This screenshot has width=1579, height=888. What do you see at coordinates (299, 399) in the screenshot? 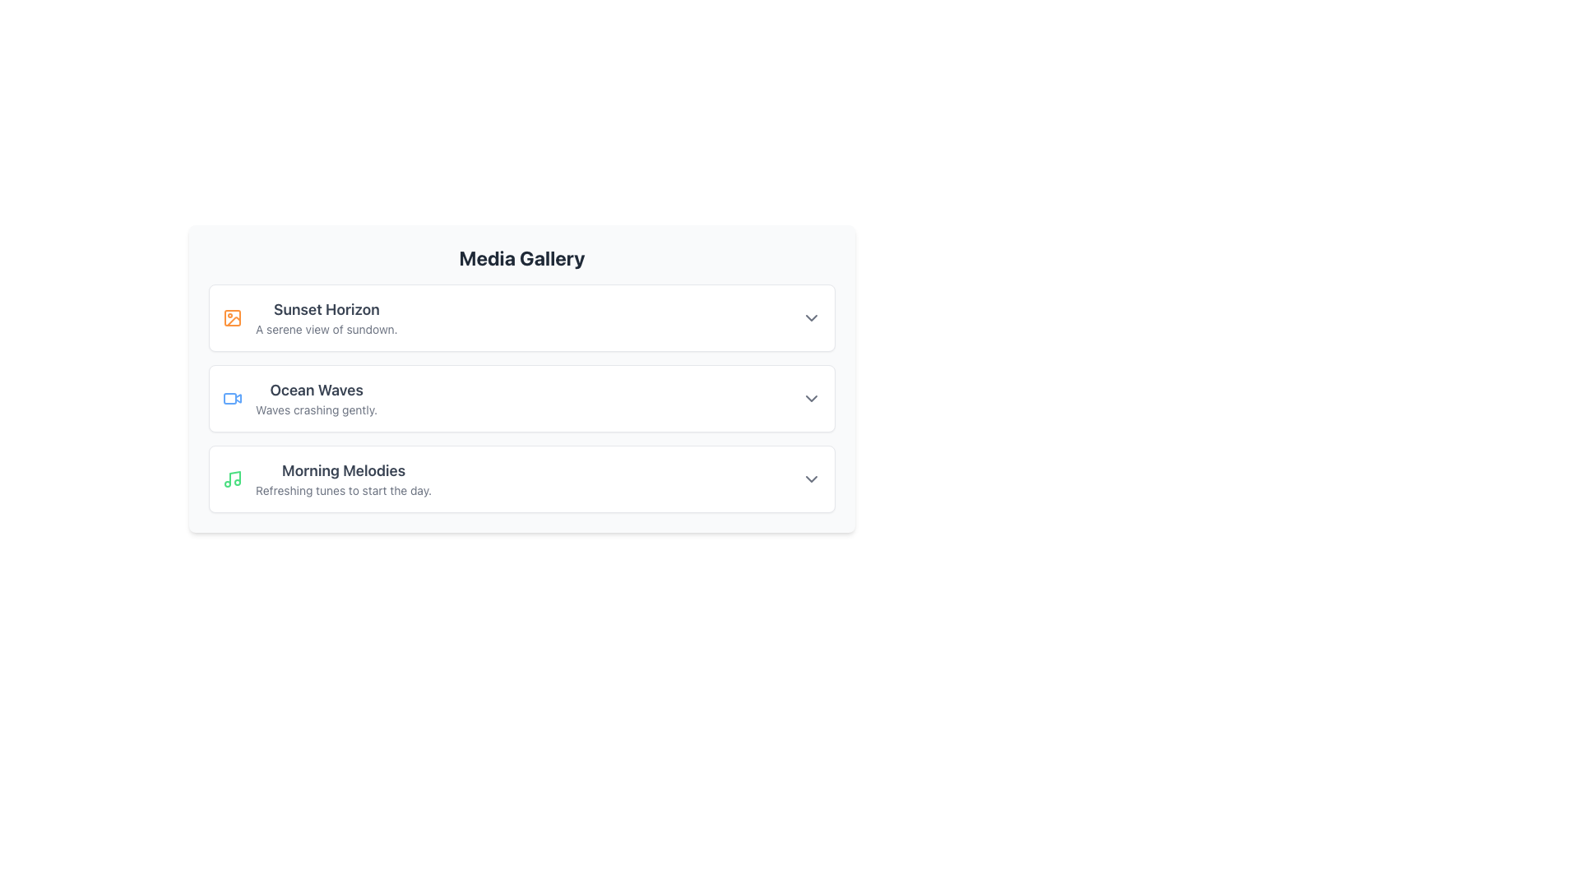
I see `the List Item with the title 'Ocean Waves' and subtitle 'Waves crashing gently.'` at bounding box center [299, 399].